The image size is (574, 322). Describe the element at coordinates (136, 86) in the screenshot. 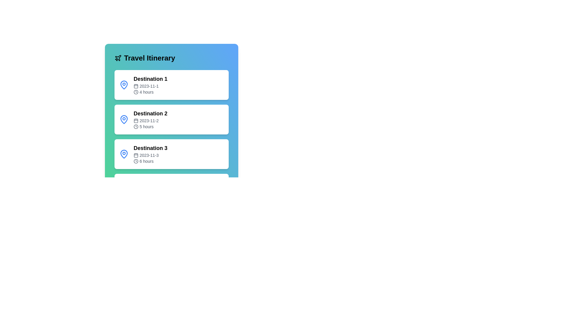

I see `the calendar icon located in the top-left portion of the 'Destination 1' card, which is a dark gray square with two top extensions and a grid inside` at that location.